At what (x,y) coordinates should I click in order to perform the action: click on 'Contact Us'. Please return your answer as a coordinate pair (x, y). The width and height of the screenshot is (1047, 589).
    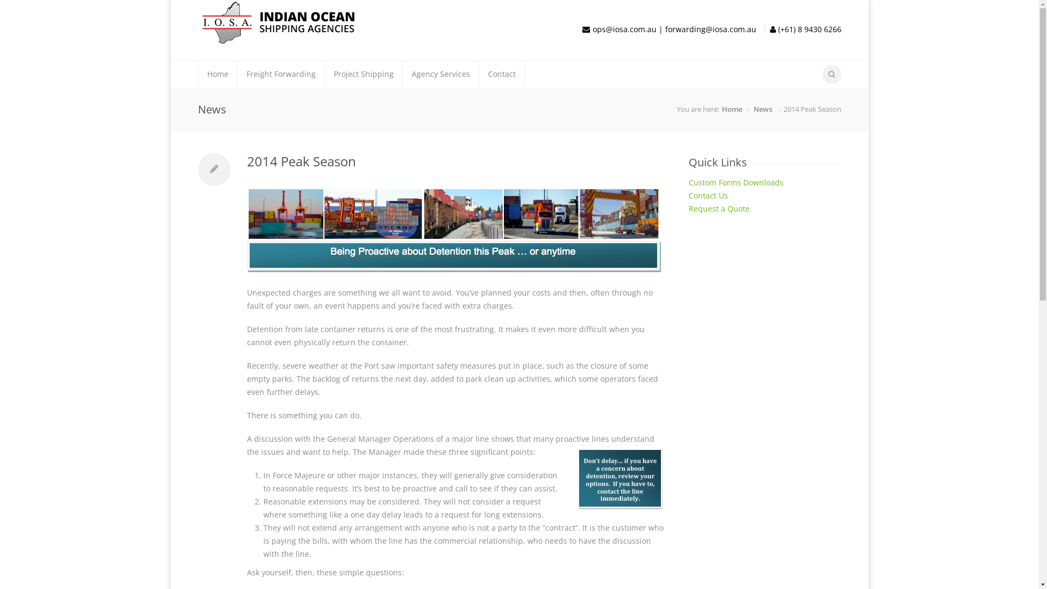
    Looking at the image, I should click on (707, 195).